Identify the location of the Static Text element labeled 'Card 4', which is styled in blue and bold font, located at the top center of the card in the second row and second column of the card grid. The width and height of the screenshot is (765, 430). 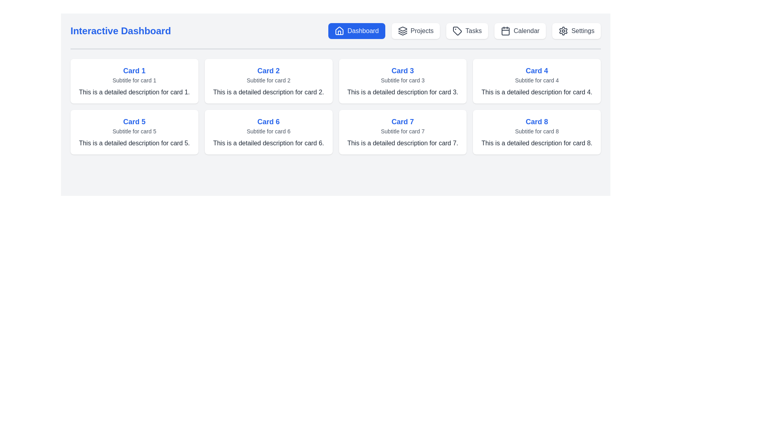
(537, 70).